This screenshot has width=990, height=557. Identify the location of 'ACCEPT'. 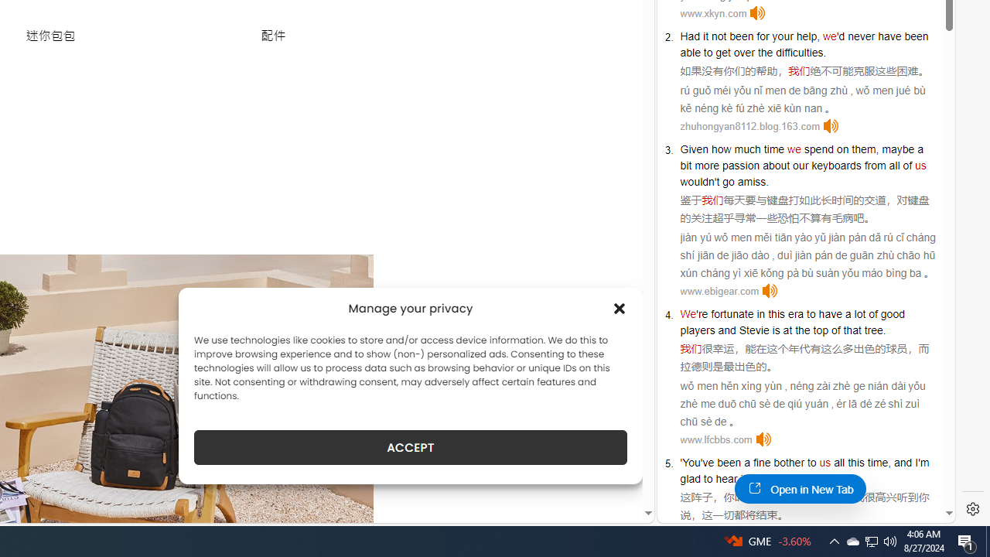
(411, 447).